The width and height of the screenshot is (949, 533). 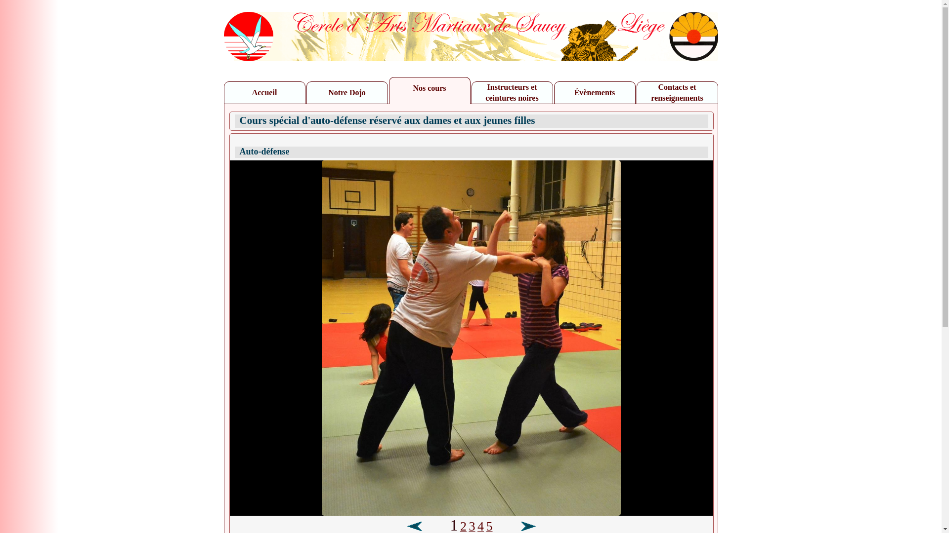 What do you see at coordinates (512, 93) in the screenshot?
I see `'Instructeurs et` at bounding box center [512, 93].